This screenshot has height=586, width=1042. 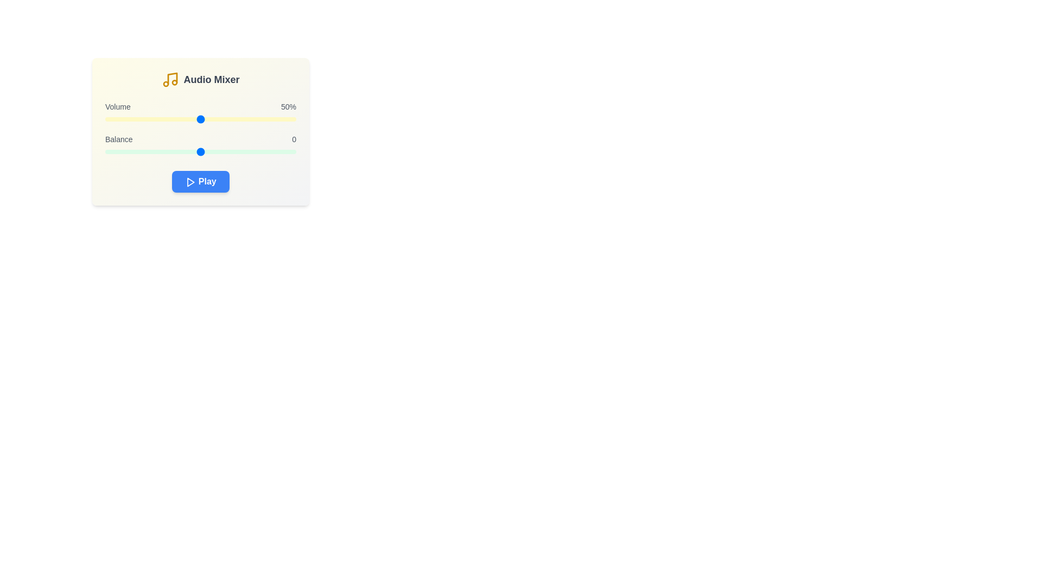 I want to click on balance, so click(x=171, y=152).